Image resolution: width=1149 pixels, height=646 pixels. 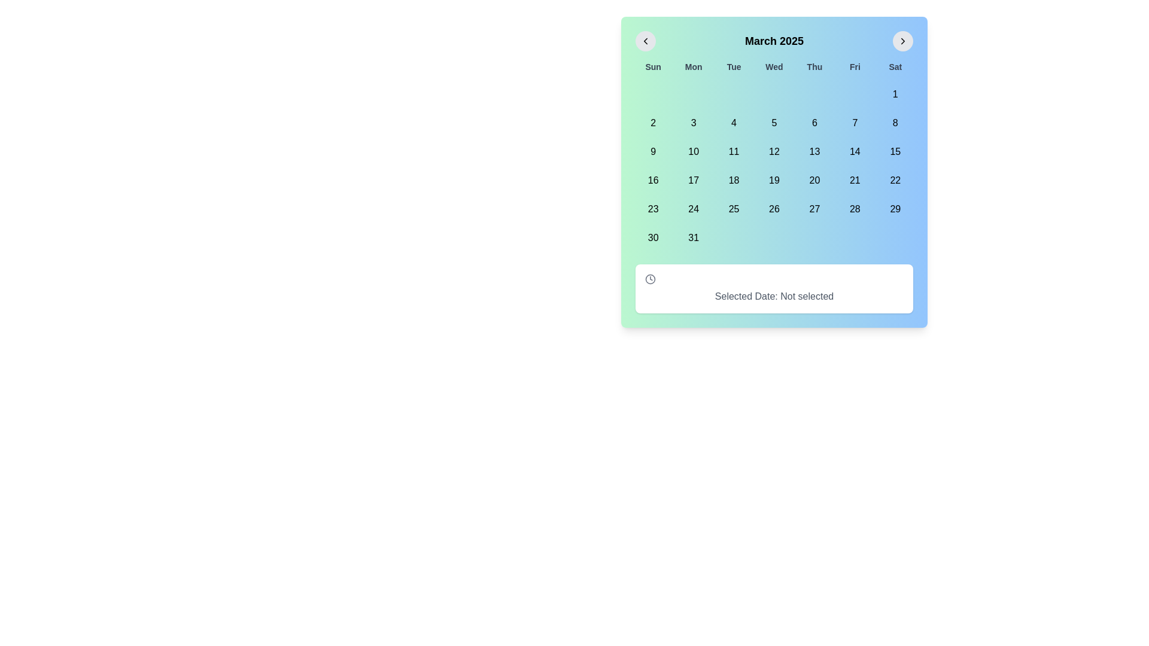 I want to click on the Interactive calendar day button representing '14', so click(x=854, y=151).